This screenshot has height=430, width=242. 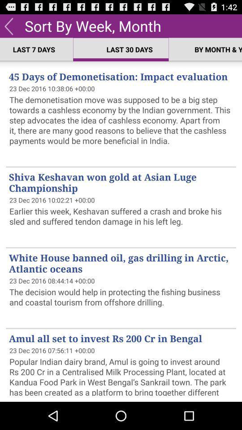 What do you see at coordinates (8, 25) in the screenshot?
I see `sort a different way` at bounding box center [8, 25].